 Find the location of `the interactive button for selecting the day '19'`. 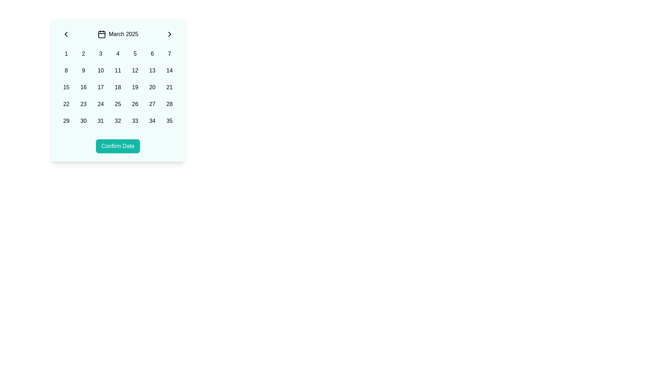

the interactive button for selecting the day '19' is located at coordinates (135, 87).